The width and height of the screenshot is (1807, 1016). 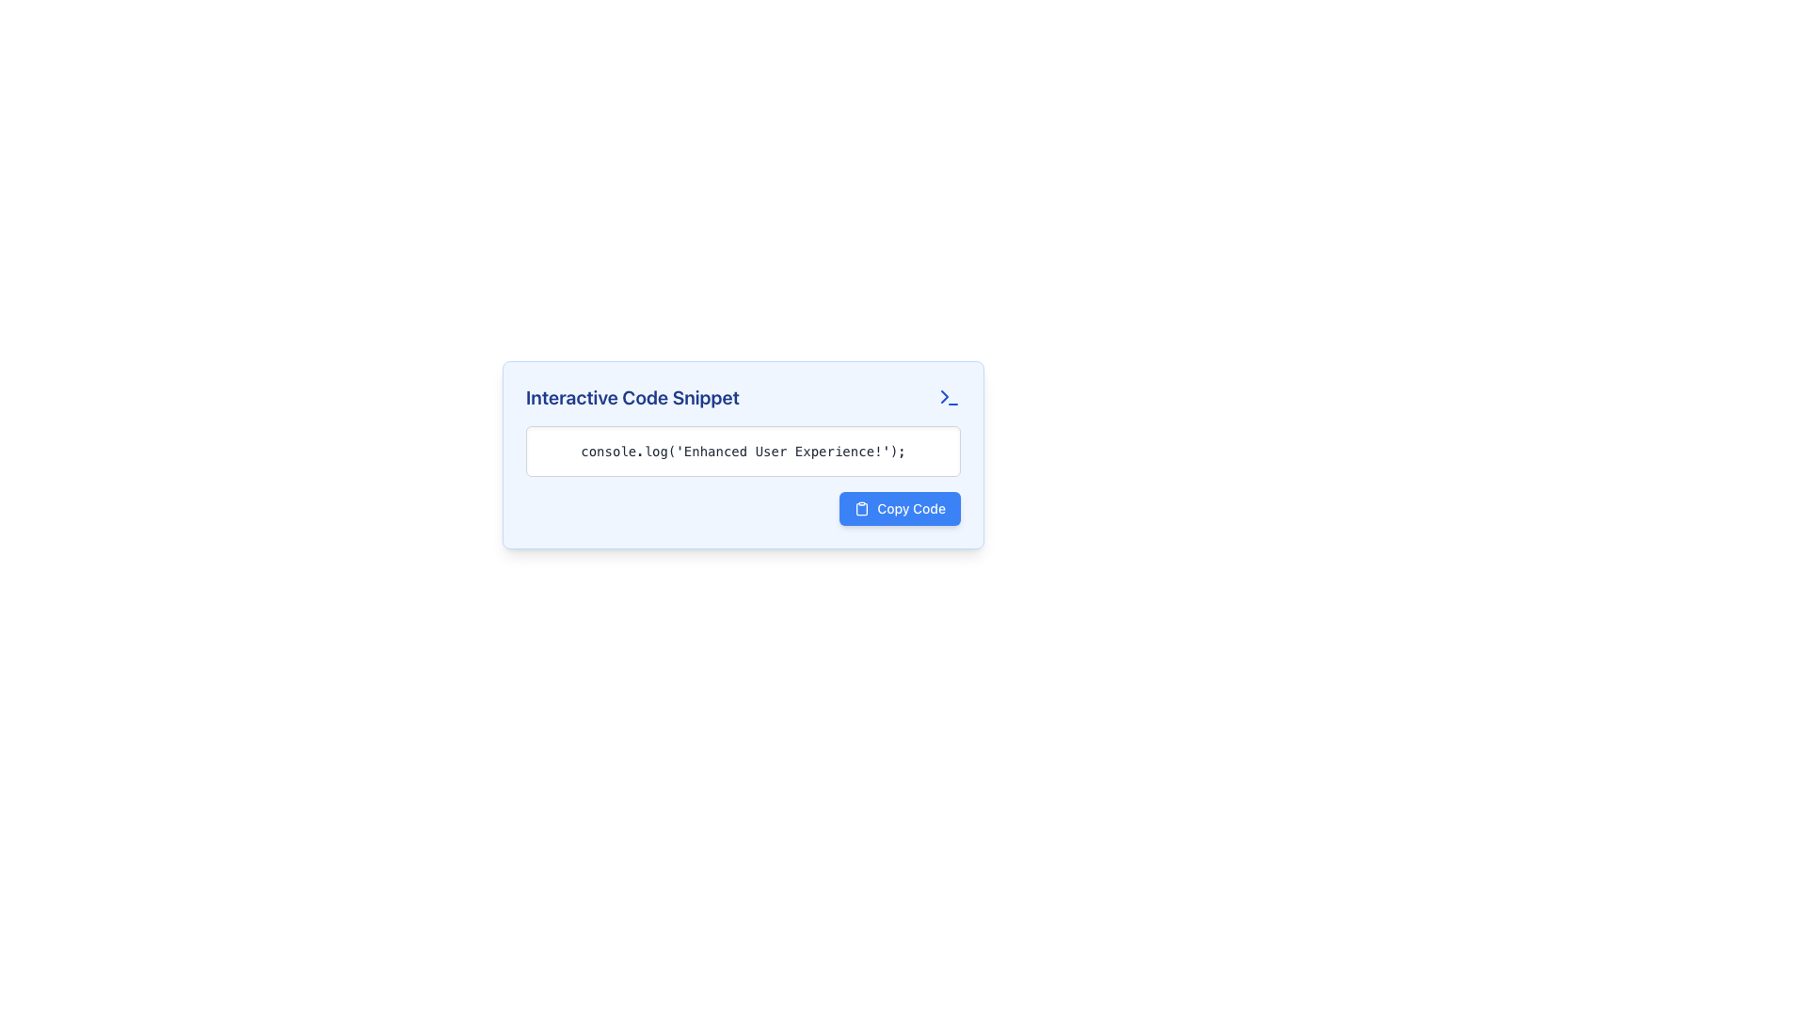 What do you see at coordinates (861, 508) in the screenshot?
I see `the small clipboard-shaped icon located to the left of the 'Copy Code' text within the button labeled 'Copy Code'` at bounding box center [861, 508].